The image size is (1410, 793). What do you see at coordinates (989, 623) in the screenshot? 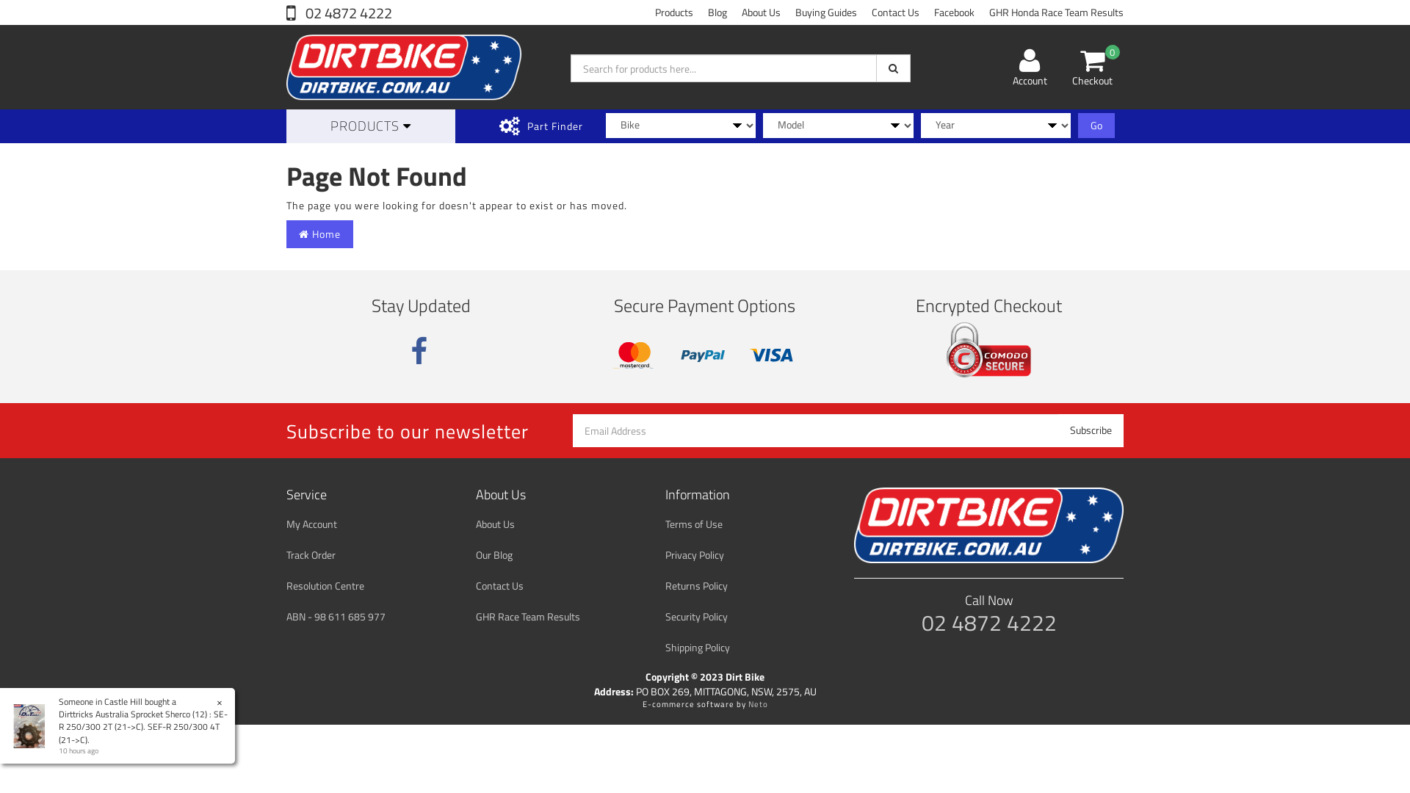
I see `'02 4872 4222'` at bounding box center [989, 623].